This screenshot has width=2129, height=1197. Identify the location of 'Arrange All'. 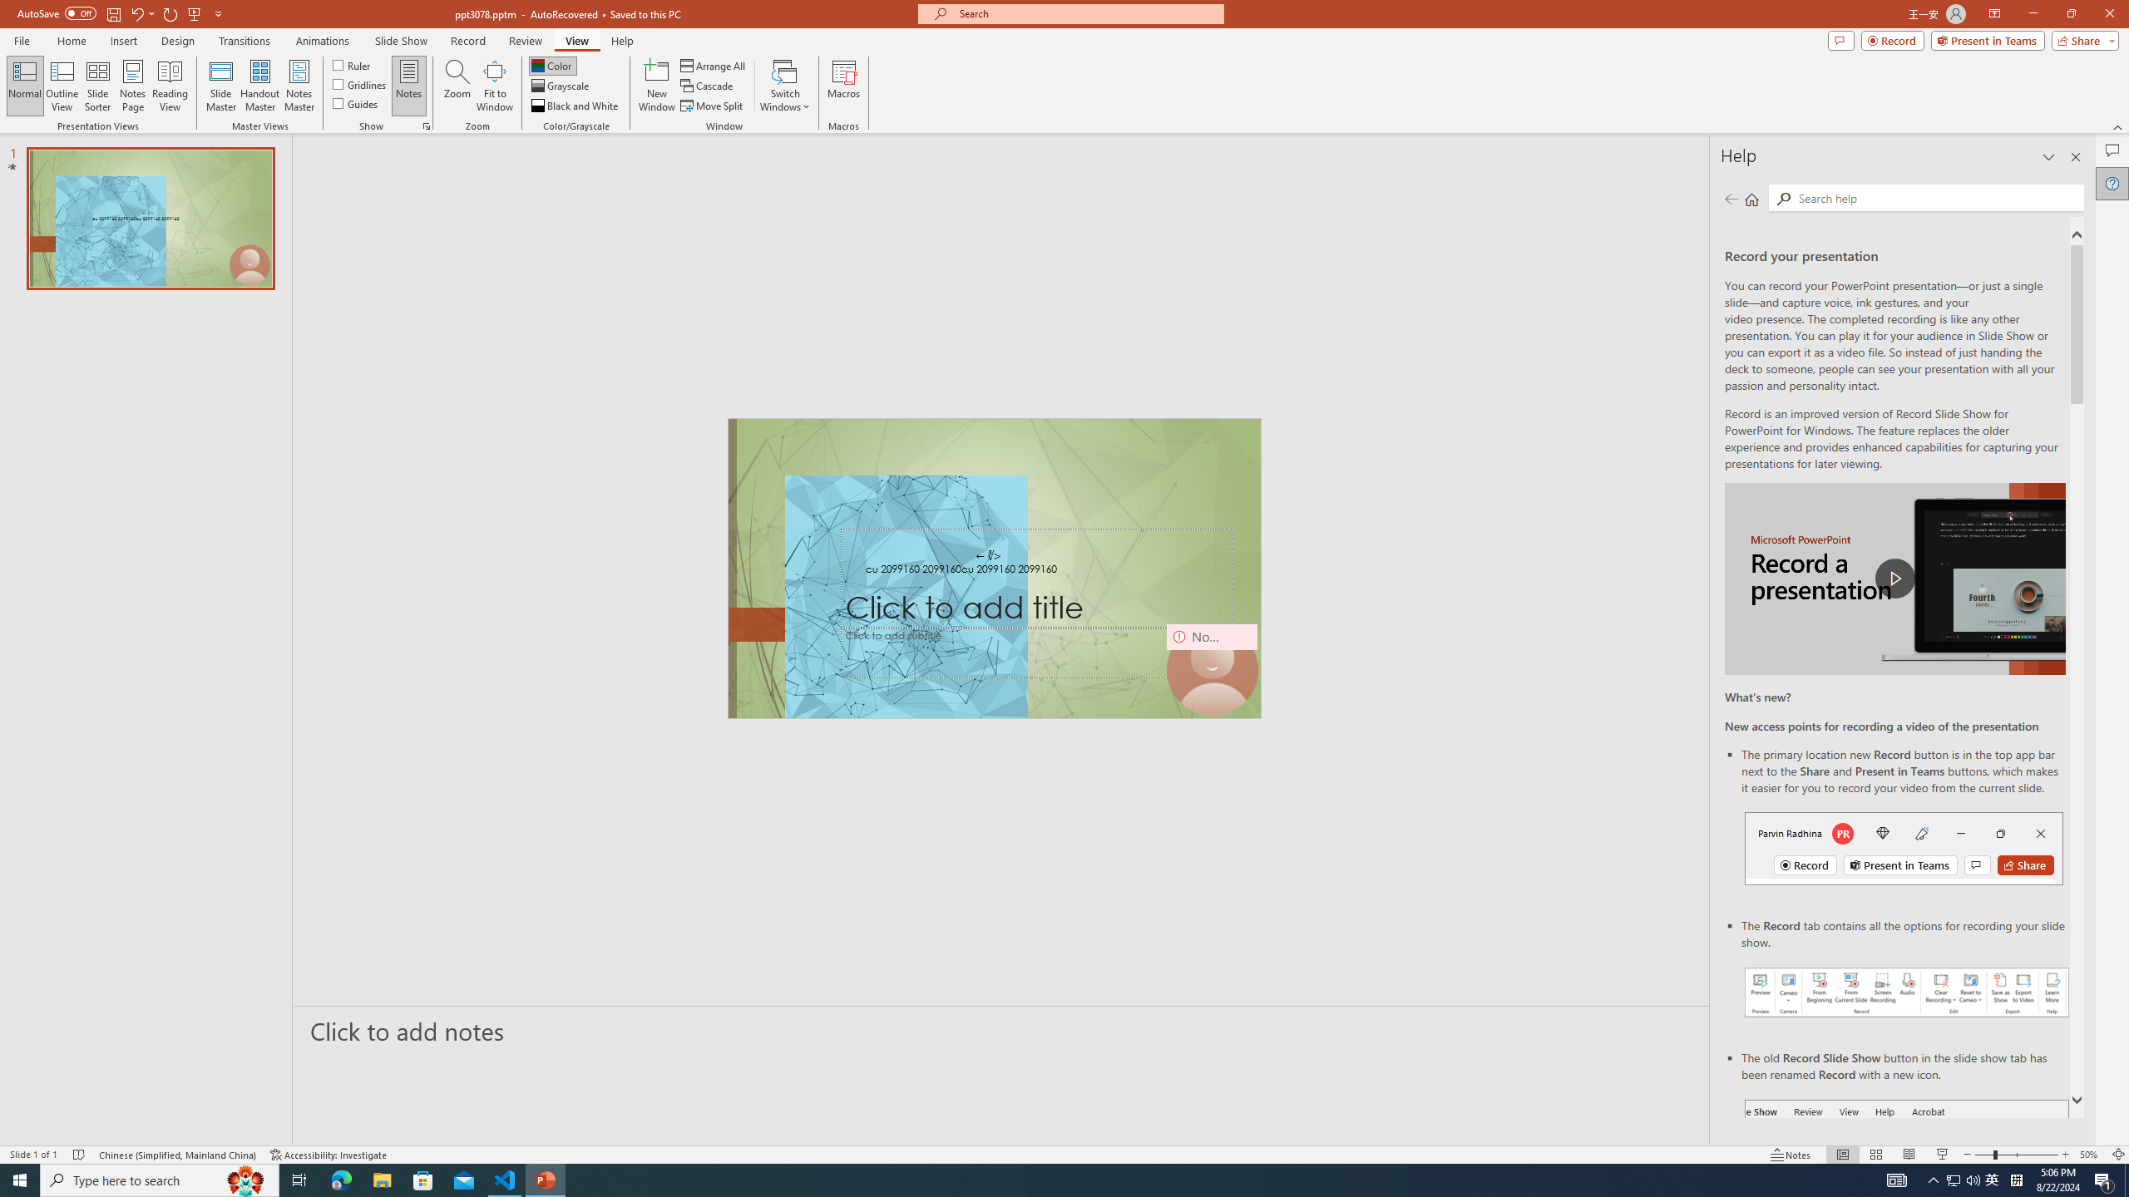
(713, 65).